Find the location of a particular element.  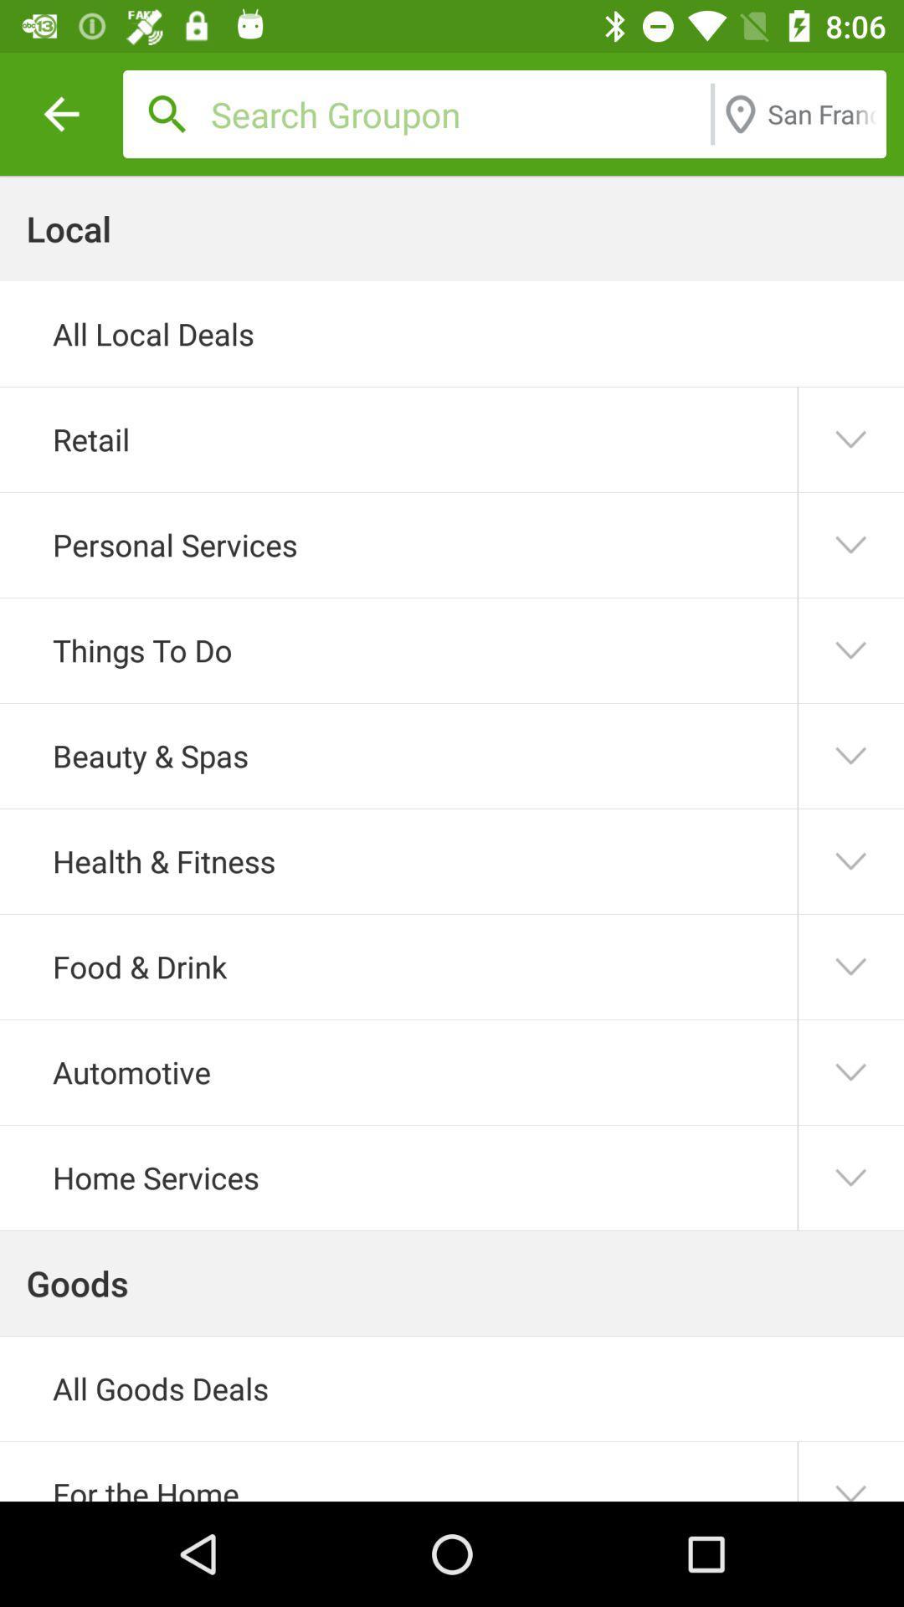

icon above the all local deals is located at coordinates (456, 113).